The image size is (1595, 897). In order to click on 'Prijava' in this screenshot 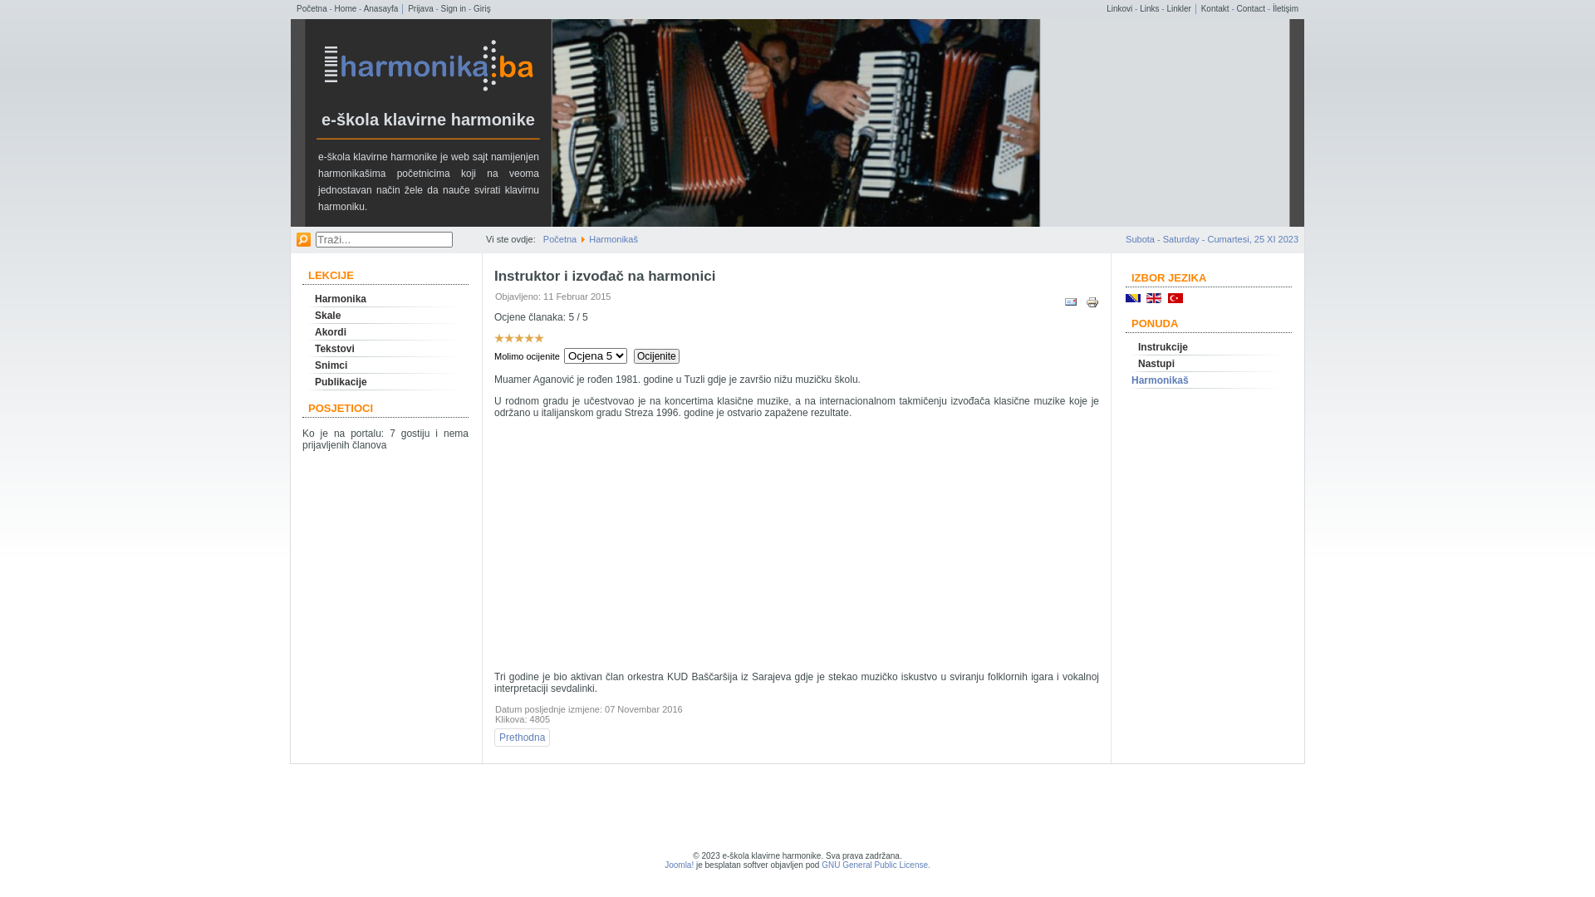, I will do `click(420, 8)`.